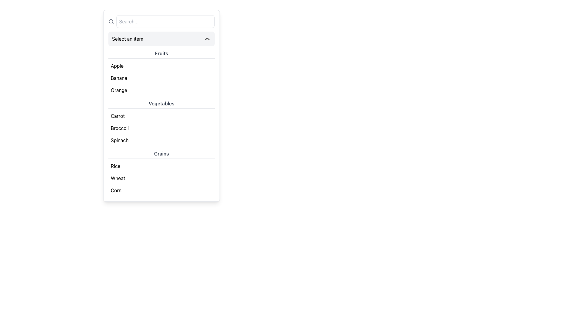  Describe the element at coordinates (119, 78) in the screenshot. I see `the text label representing 'Banana' in the dropdown menu` at that location.